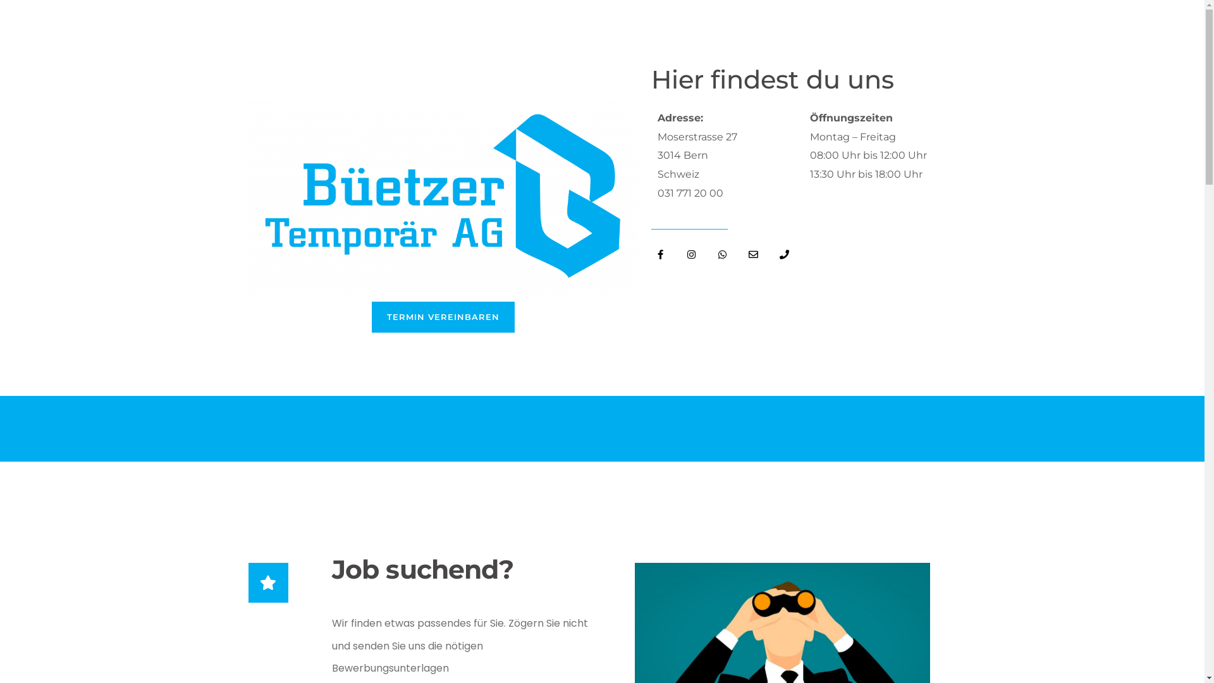 Image resolution: width=1214 pixels, height=683 pixels. Describe the element at coordinates (753, 254) in the screenshot. I see `'Envelope'` at that location.